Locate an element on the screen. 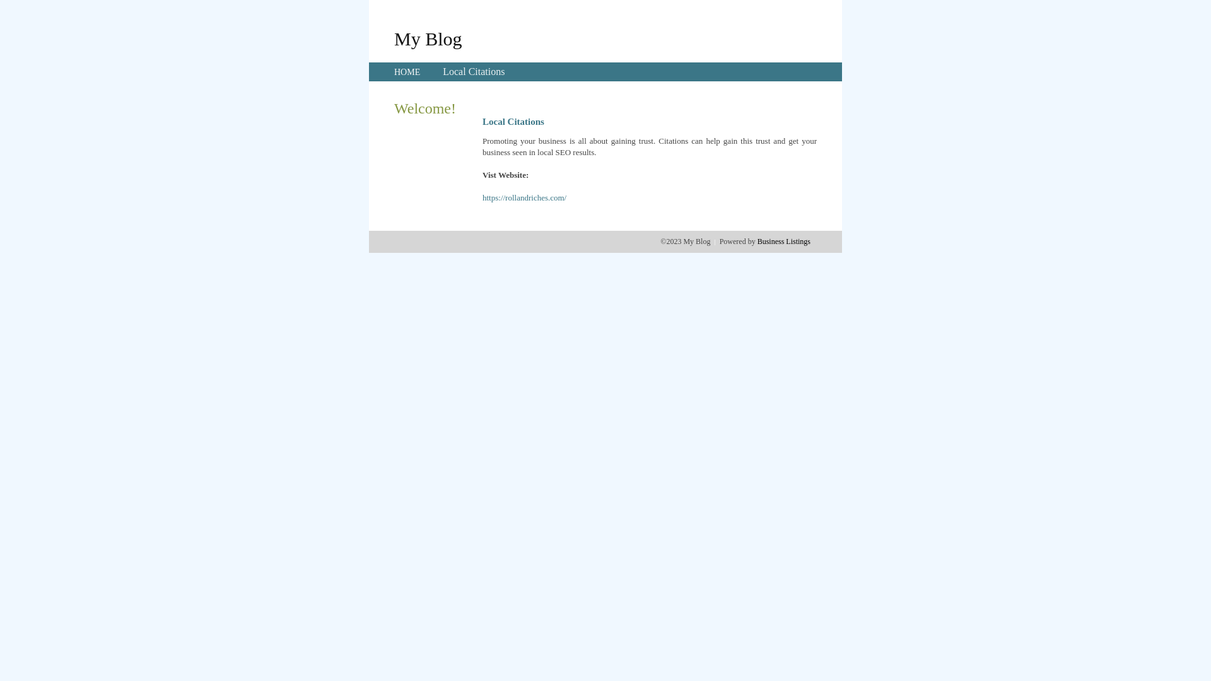 Image resolution: width=1211 pixels, height=681 pixels. 'https://rollandriches.com/' is located at coordinates (524, 197).